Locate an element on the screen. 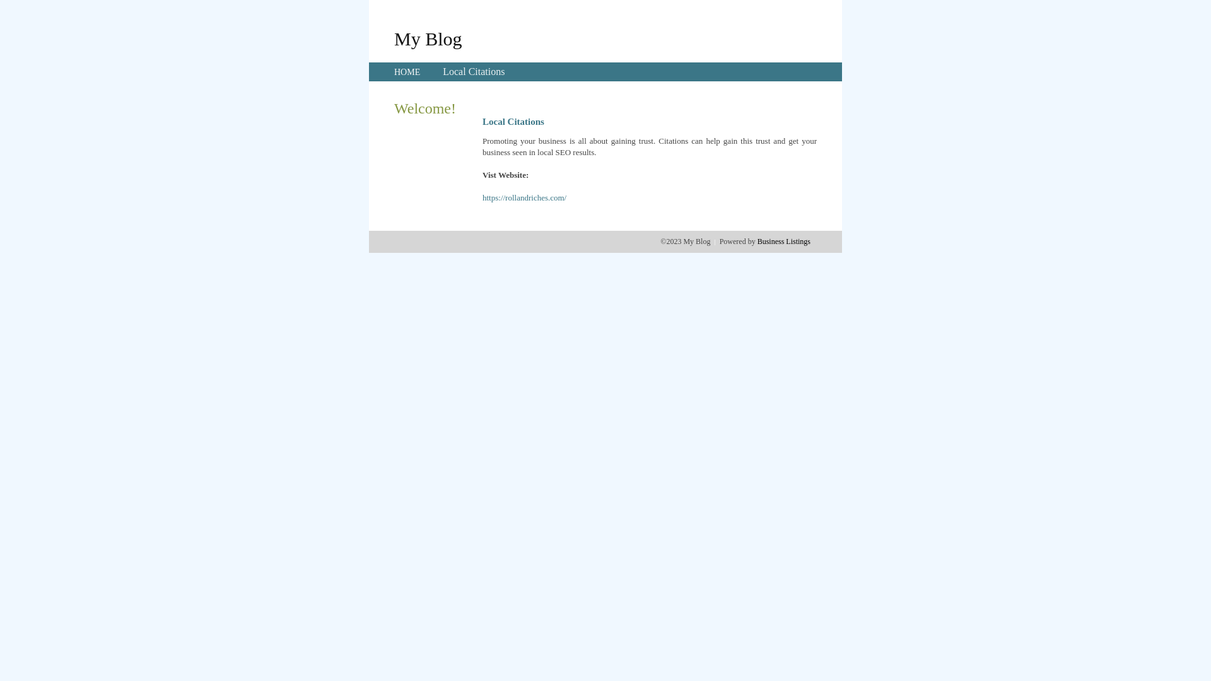 Image resolution: width=1211 pixels, height=681 pixels. 'https://rollandriches.com/' is located at coordinates (524, 197).